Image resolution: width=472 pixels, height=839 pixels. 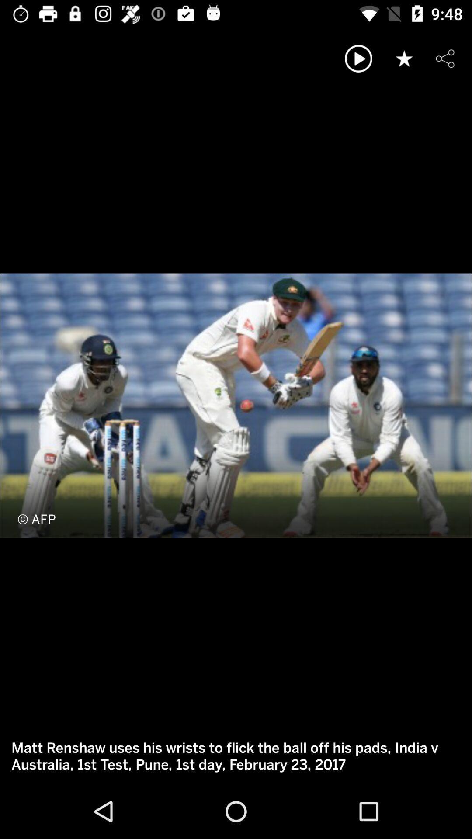 I want to click on slideshow, so click(x=358, y=58).